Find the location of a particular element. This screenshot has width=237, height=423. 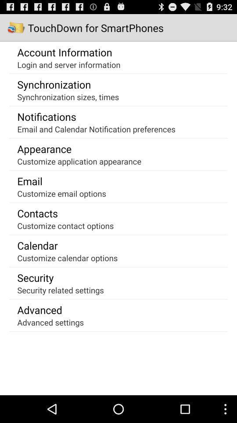

email and calendar icon is located at coordinates (96, 128).